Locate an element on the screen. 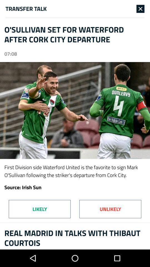 The image size is (150, 267). icon at the top right corner is located at coordinates (140, 8).